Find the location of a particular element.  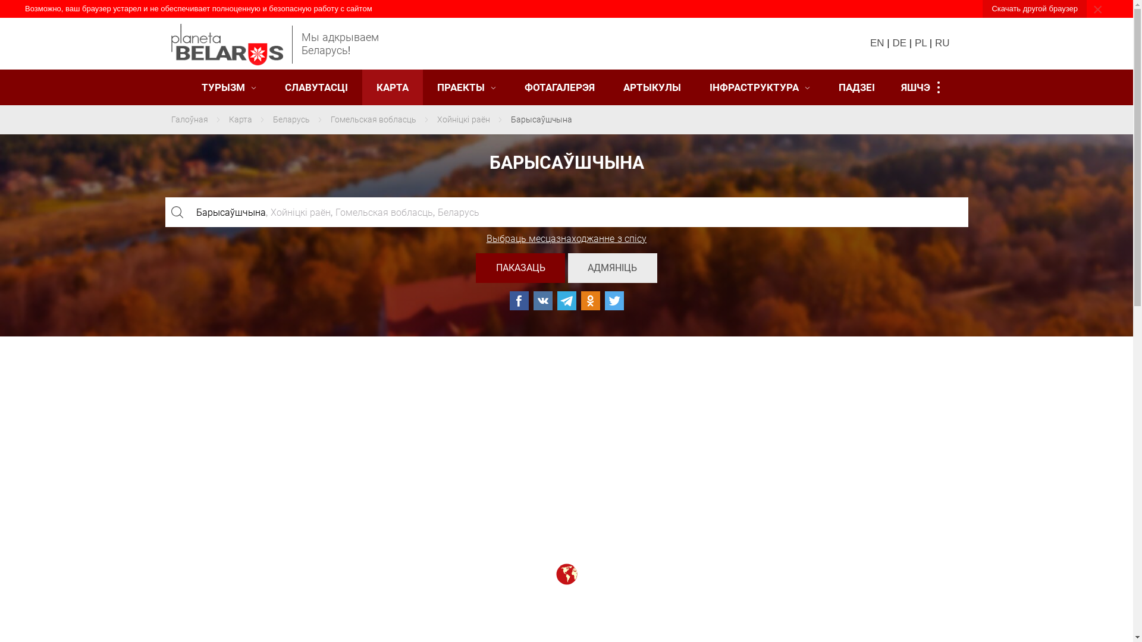

'DE' is located at coordinates (899, 42).